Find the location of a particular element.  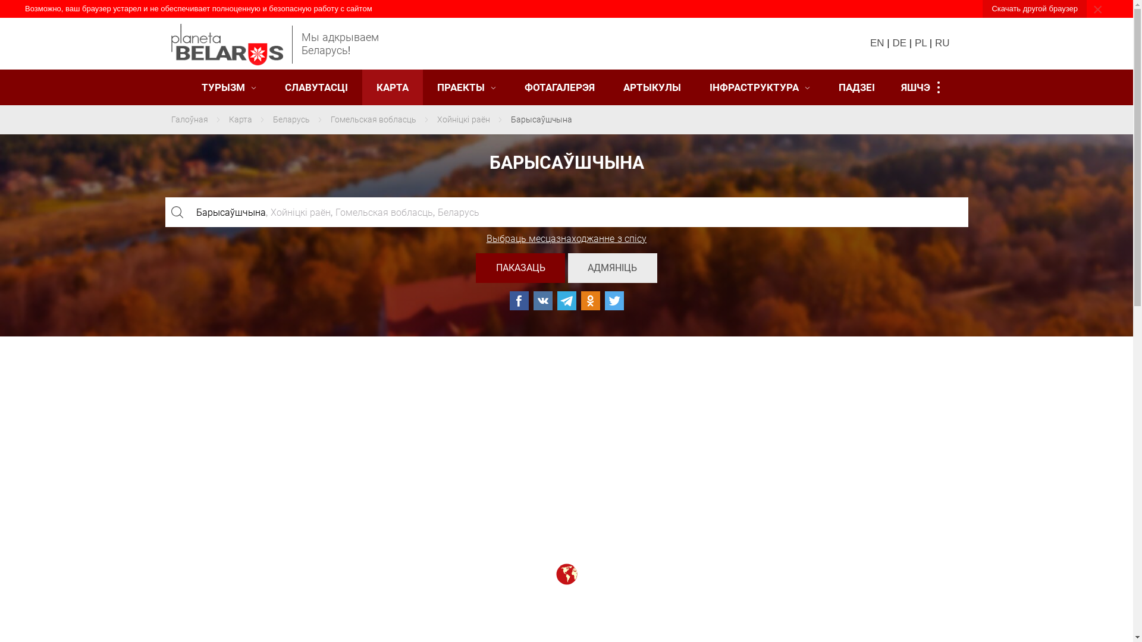

'DE' is located at coordinates (899, 42).